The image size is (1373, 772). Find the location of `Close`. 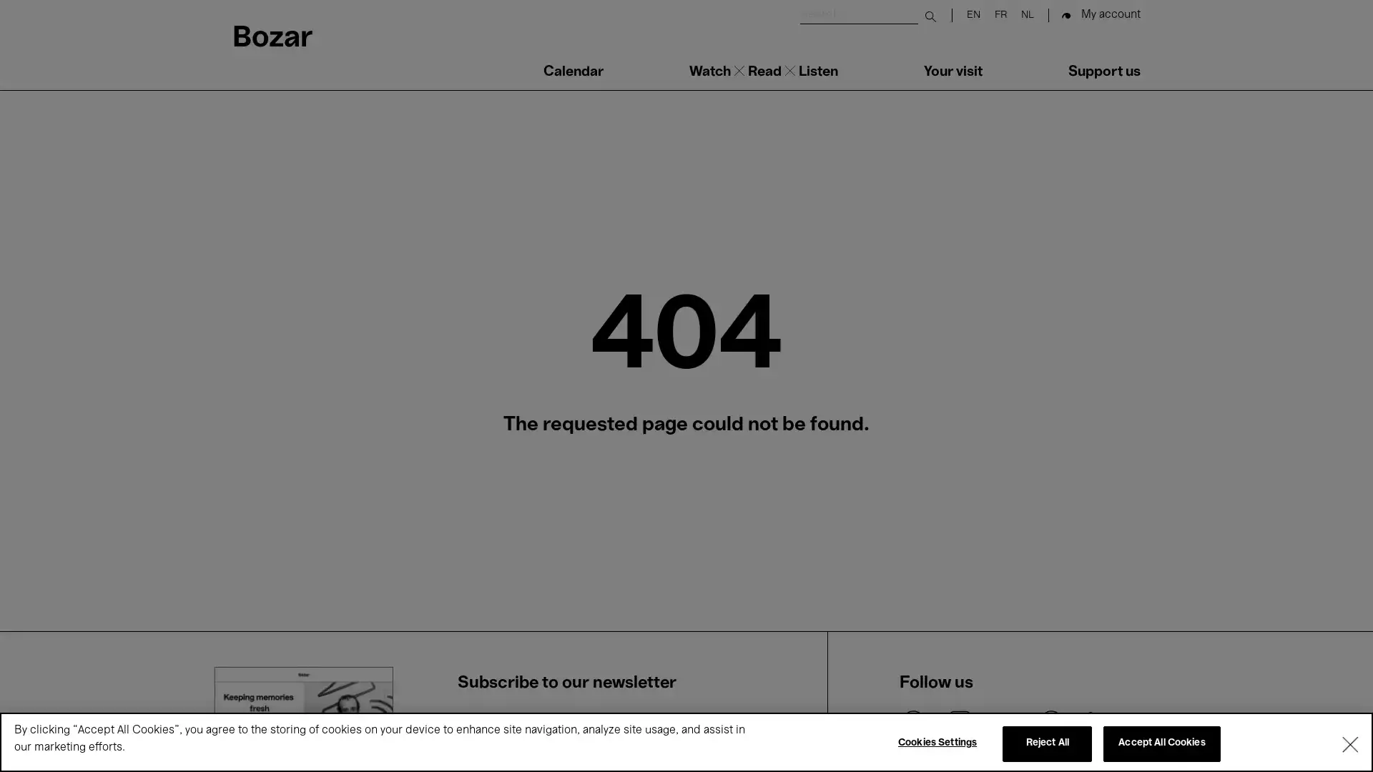

Close is located at coordinates (1349, 743).